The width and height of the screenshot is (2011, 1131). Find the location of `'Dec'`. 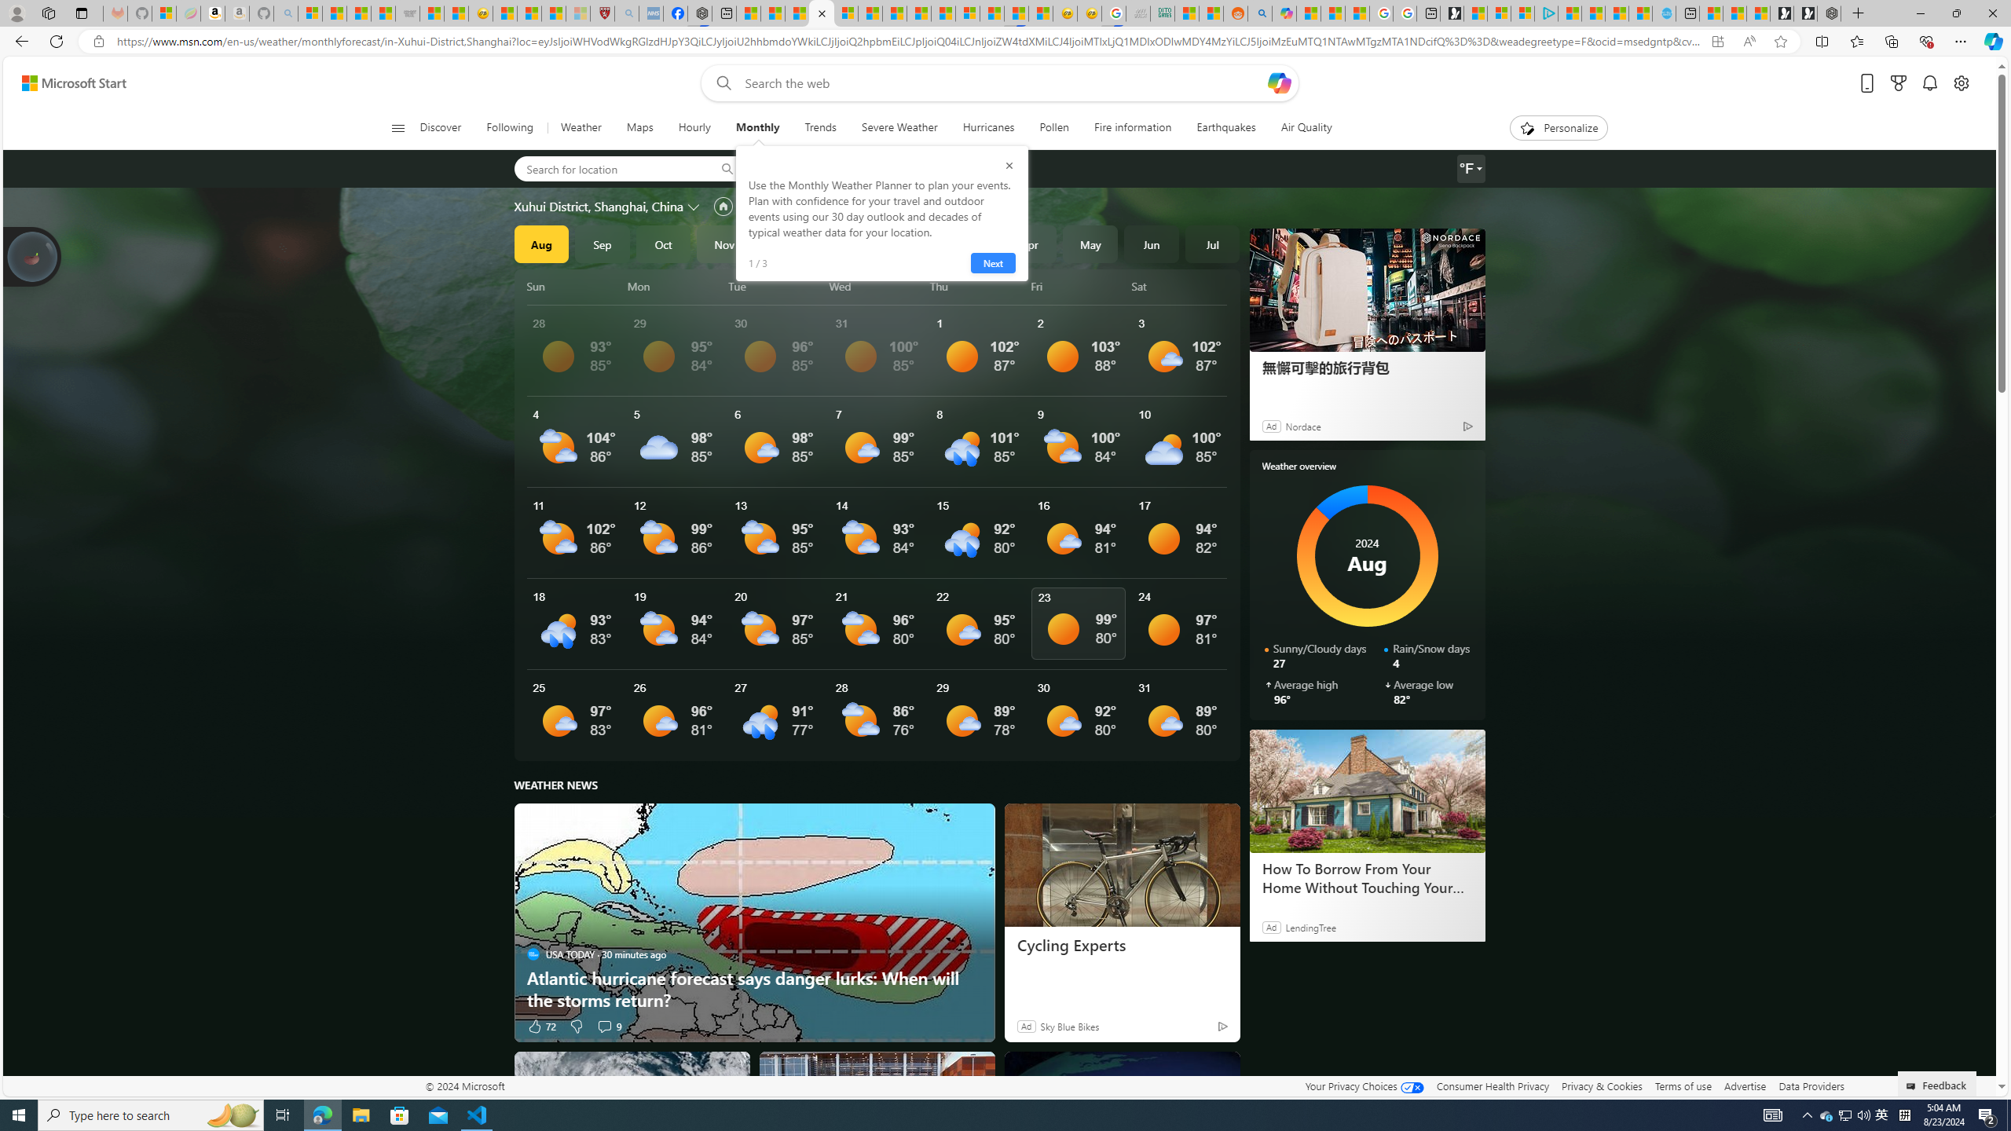

'Dec' is located at coordinates (784, 243).